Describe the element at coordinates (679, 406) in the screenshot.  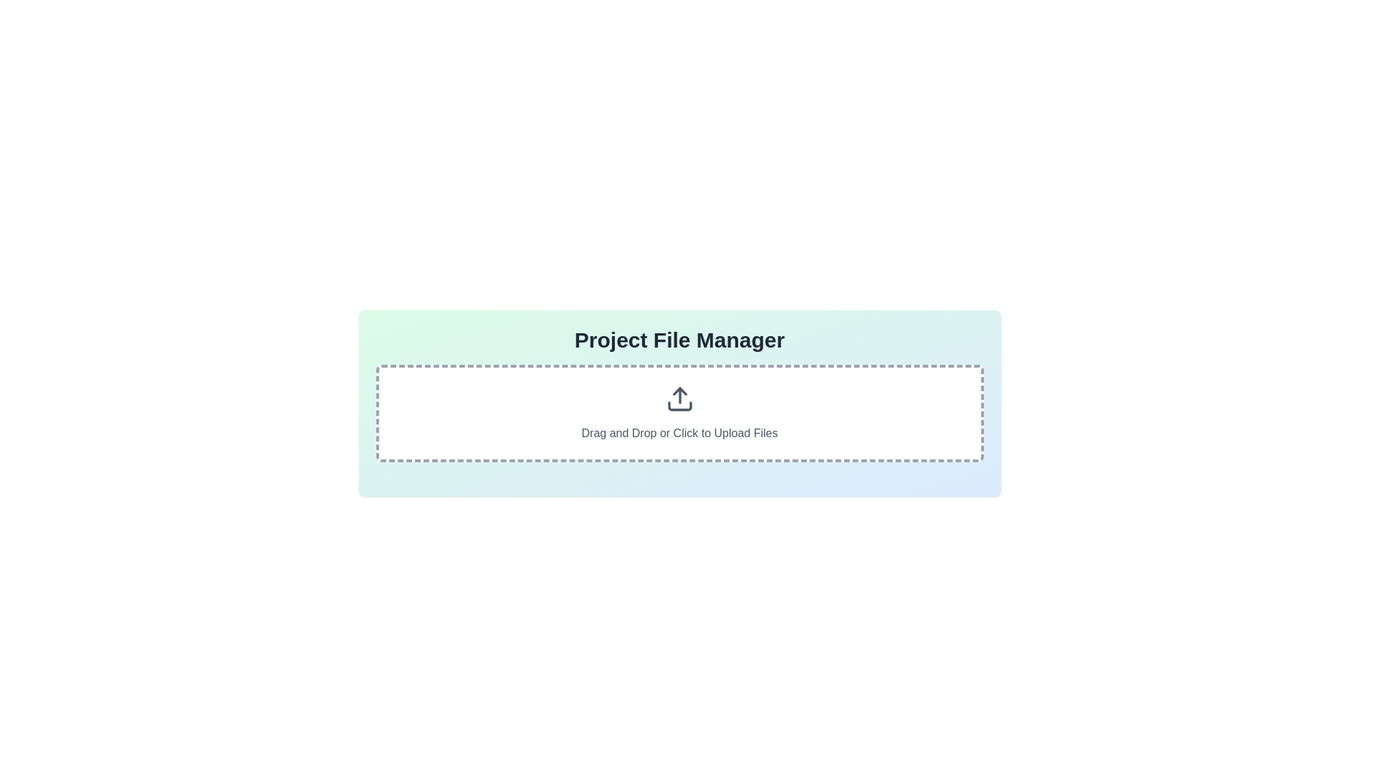
I see `the decorative graphical element that represents the base of the upload icon, which is positioned at the bottom of the SVG icon` at that location.